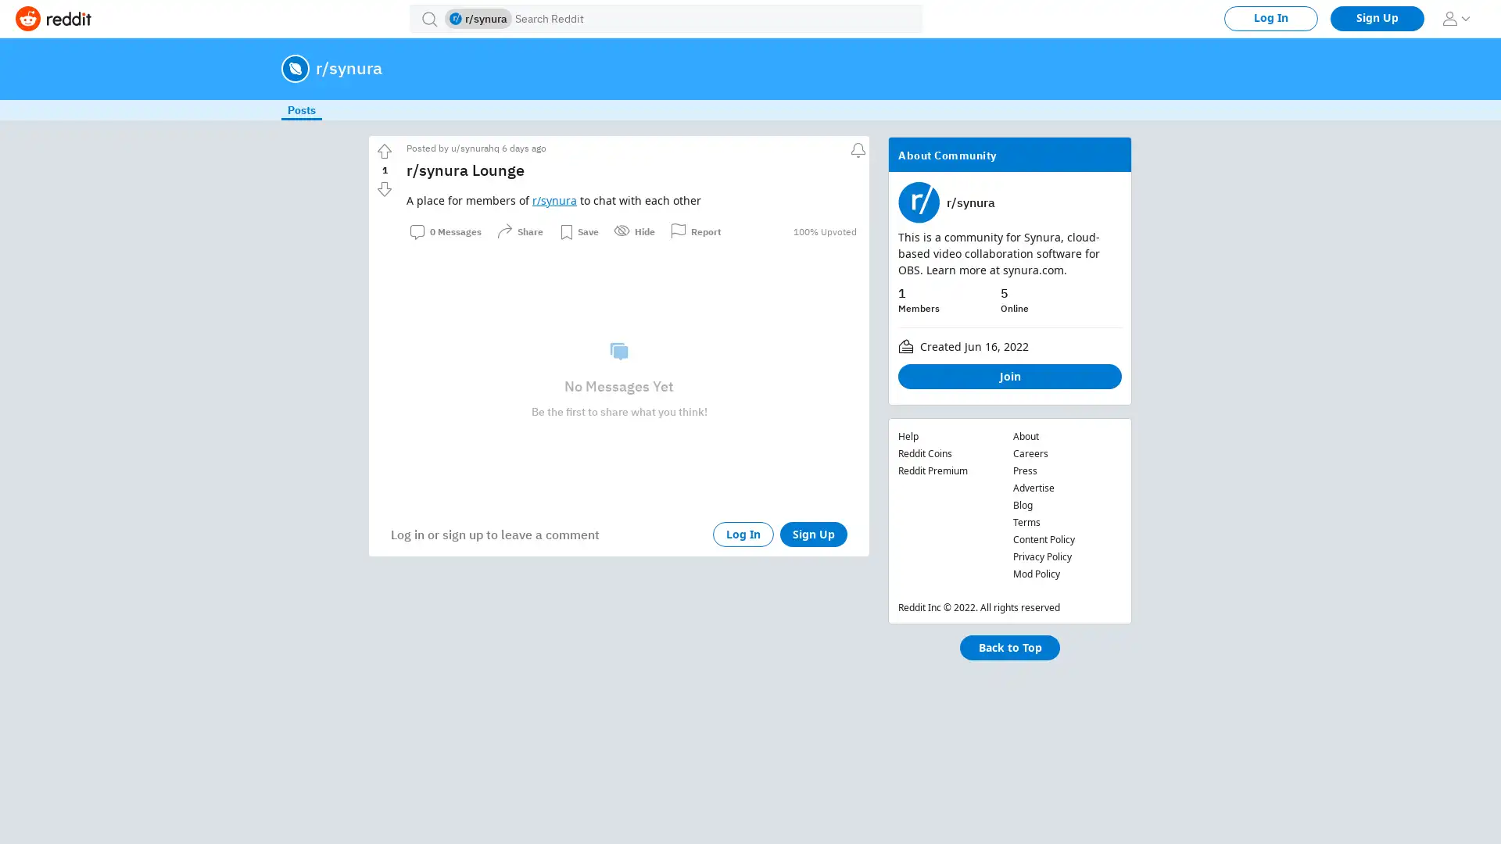 The height and width of the screenshot is (844, 1501). I want to click on Log In, so click(1271, 18).